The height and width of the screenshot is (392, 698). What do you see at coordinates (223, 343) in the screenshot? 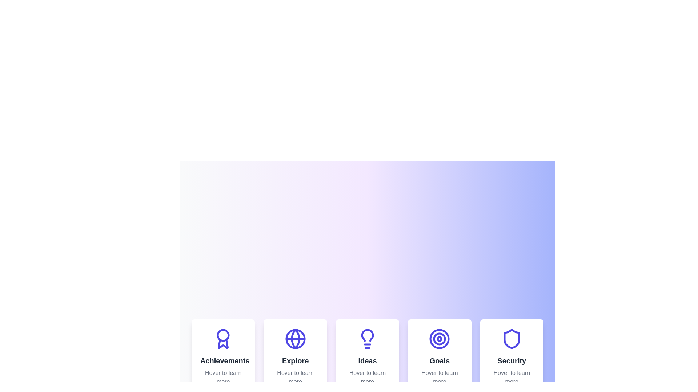
I see `the blue SVG ribbon or badge icon located beneath the circular centerpiece in the 'Achievements' card section, which is the first card from the left in the bottom-most row` at bounding box center [223, 343].